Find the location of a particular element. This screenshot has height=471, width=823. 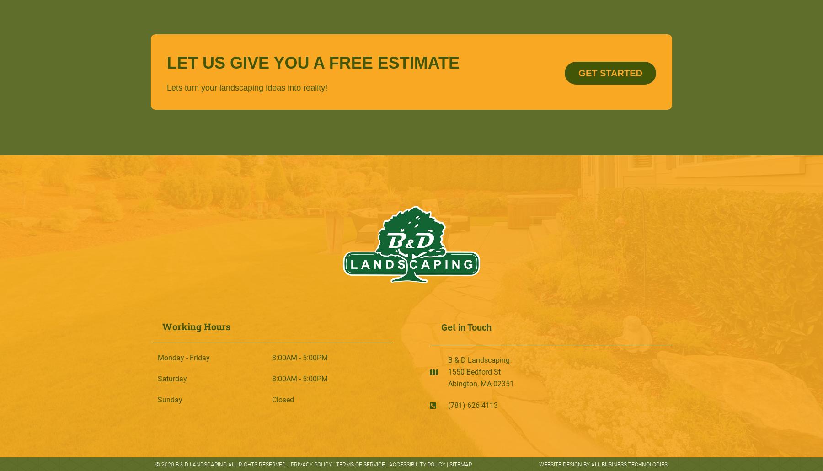

'Website Design By All Business Technologies' is located at coordinates (603, 463).